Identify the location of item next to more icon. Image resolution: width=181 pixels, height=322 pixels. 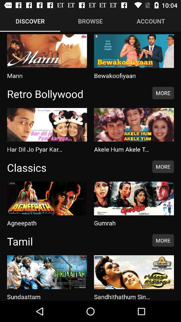
(76, 167).